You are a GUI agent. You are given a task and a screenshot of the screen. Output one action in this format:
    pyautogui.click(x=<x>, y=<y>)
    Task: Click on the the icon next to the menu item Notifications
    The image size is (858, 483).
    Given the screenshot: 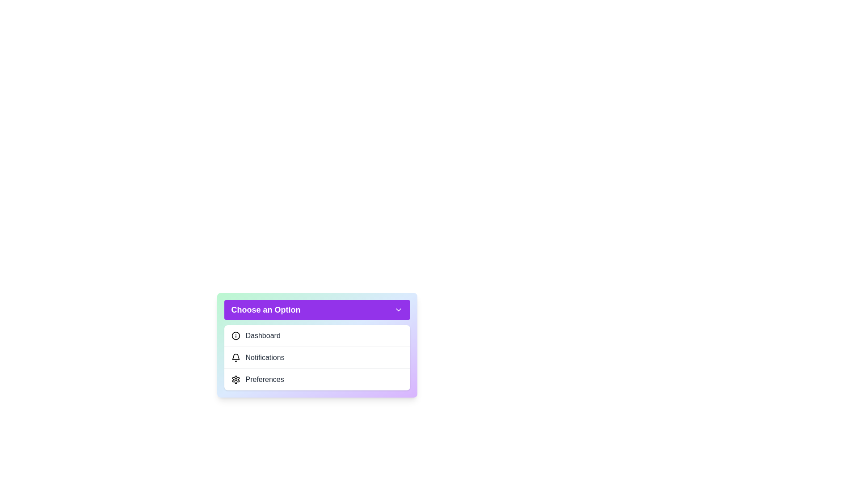 What is the action you would take?
    pyautogui.click(x=236, y=357)
    